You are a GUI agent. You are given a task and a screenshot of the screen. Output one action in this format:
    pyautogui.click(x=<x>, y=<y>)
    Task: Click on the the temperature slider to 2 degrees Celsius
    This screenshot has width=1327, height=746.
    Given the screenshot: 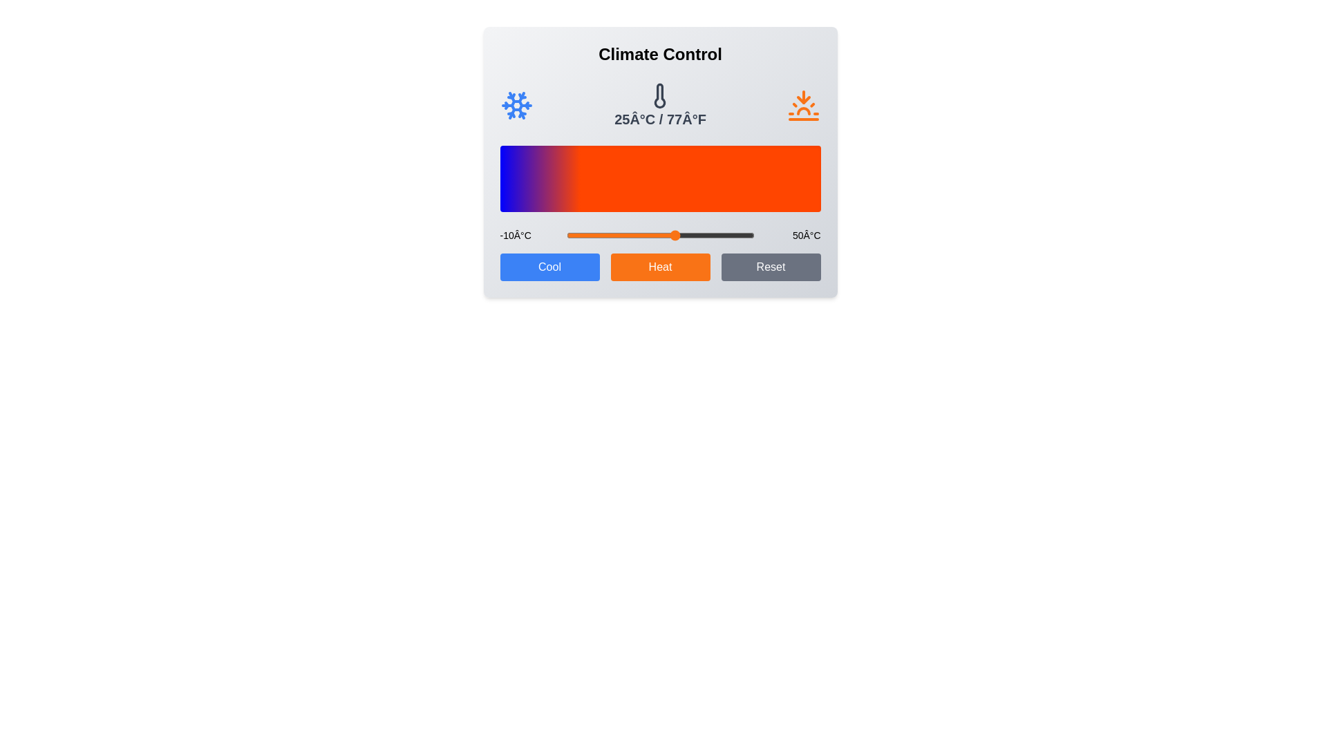 What is the action you would take?
    pyautogui.click(x=603, y=234)
    